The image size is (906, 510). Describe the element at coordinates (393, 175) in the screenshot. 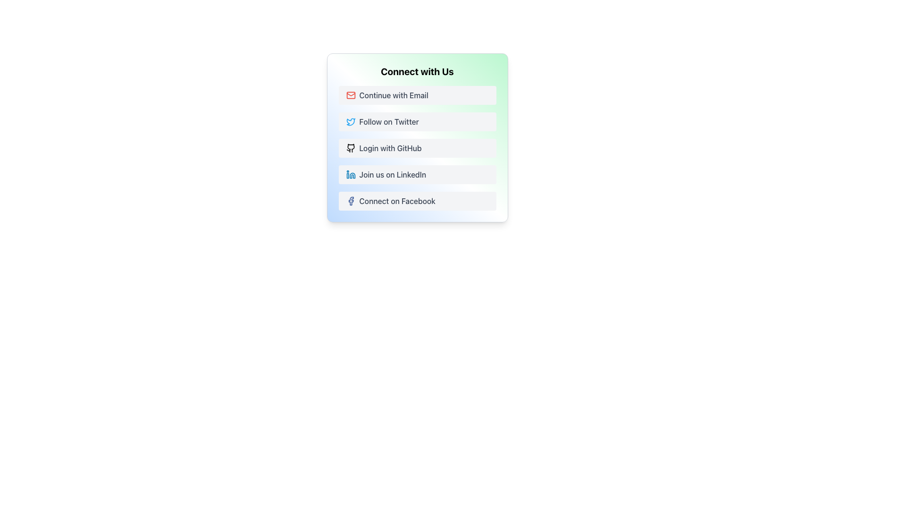

I see `the text label within the button that redirects users to a LinkedIn page, located to the right of the LinkedIn logo icon and fourth in a vertical list of similar buttons` at that location.